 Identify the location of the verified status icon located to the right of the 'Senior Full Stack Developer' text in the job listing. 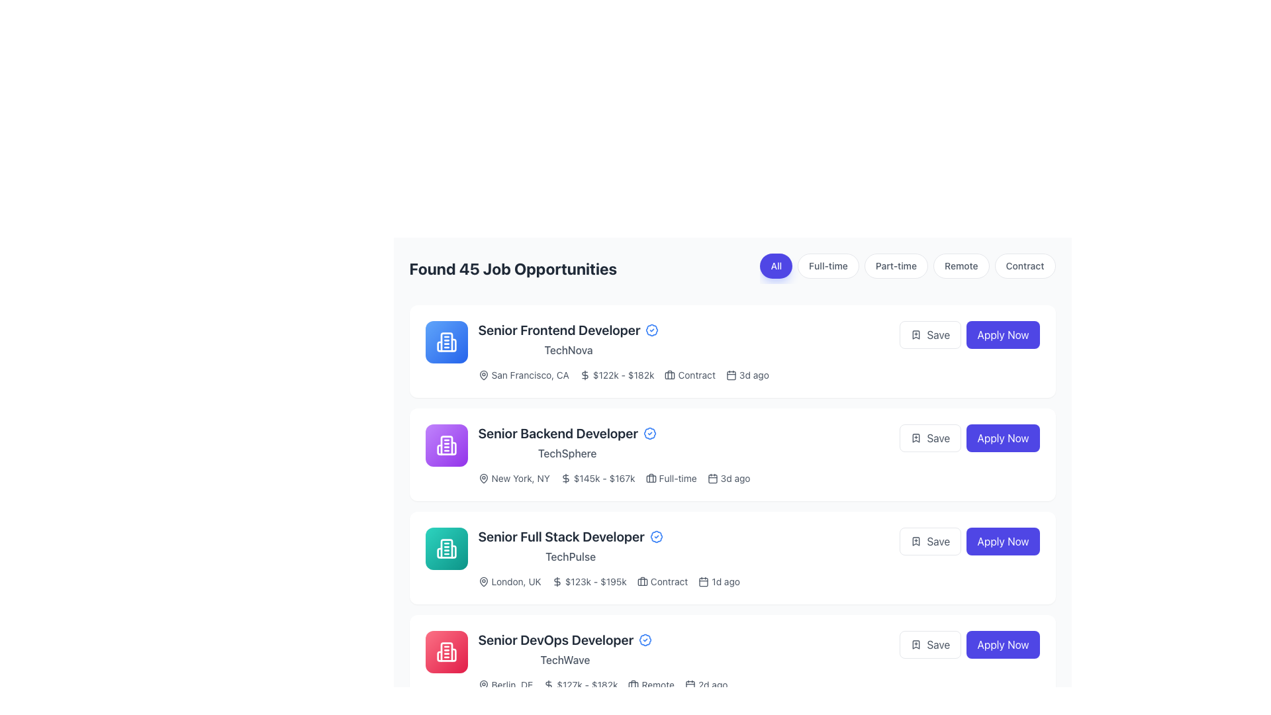
(656, 536).